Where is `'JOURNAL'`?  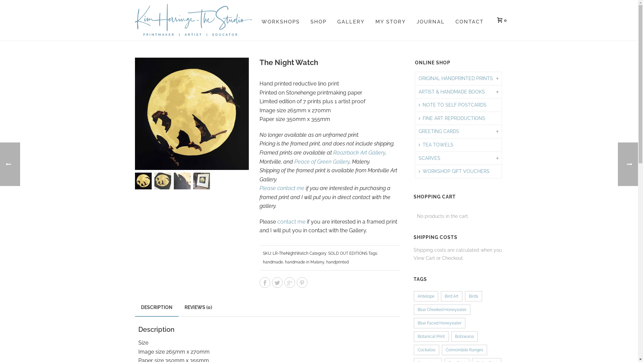 'JOURNAL' is located at coordinates (431, 20).